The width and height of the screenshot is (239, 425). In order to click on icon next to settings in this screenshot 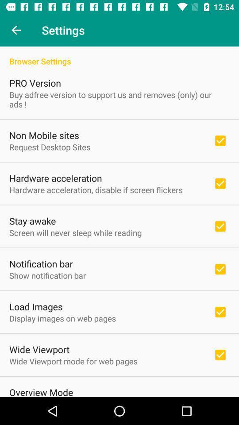, I will do `click(16, 30)`.